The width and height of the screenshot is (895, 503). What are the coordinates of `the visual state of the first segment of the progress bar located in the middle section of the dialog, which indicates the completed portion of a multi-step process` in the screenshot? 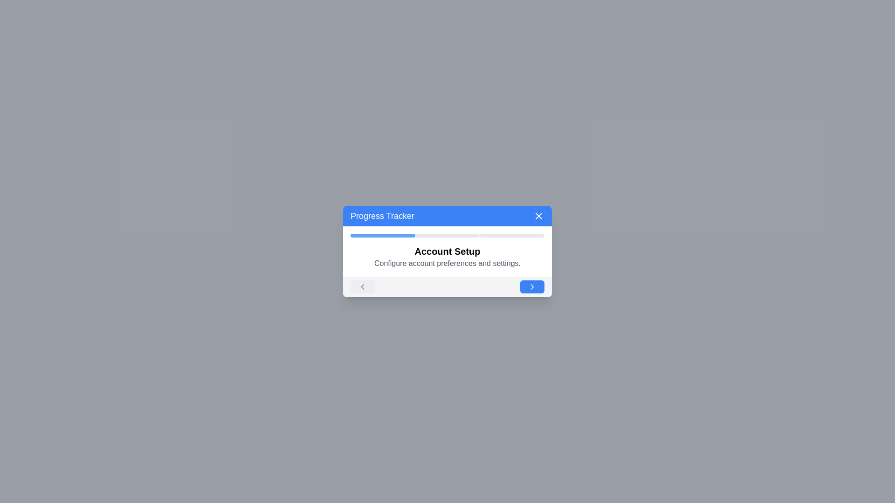 It's located at (383, 235).